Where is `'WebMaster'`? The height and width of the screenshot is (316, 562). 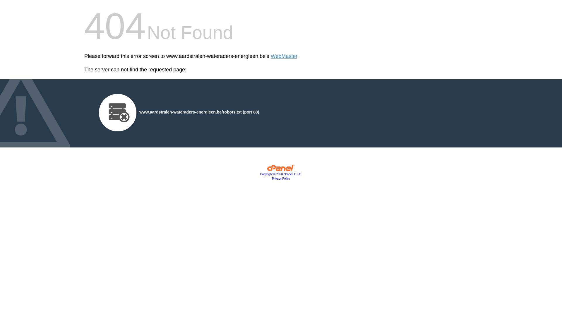 'WebMaster' is located at coordinates (270, 56).